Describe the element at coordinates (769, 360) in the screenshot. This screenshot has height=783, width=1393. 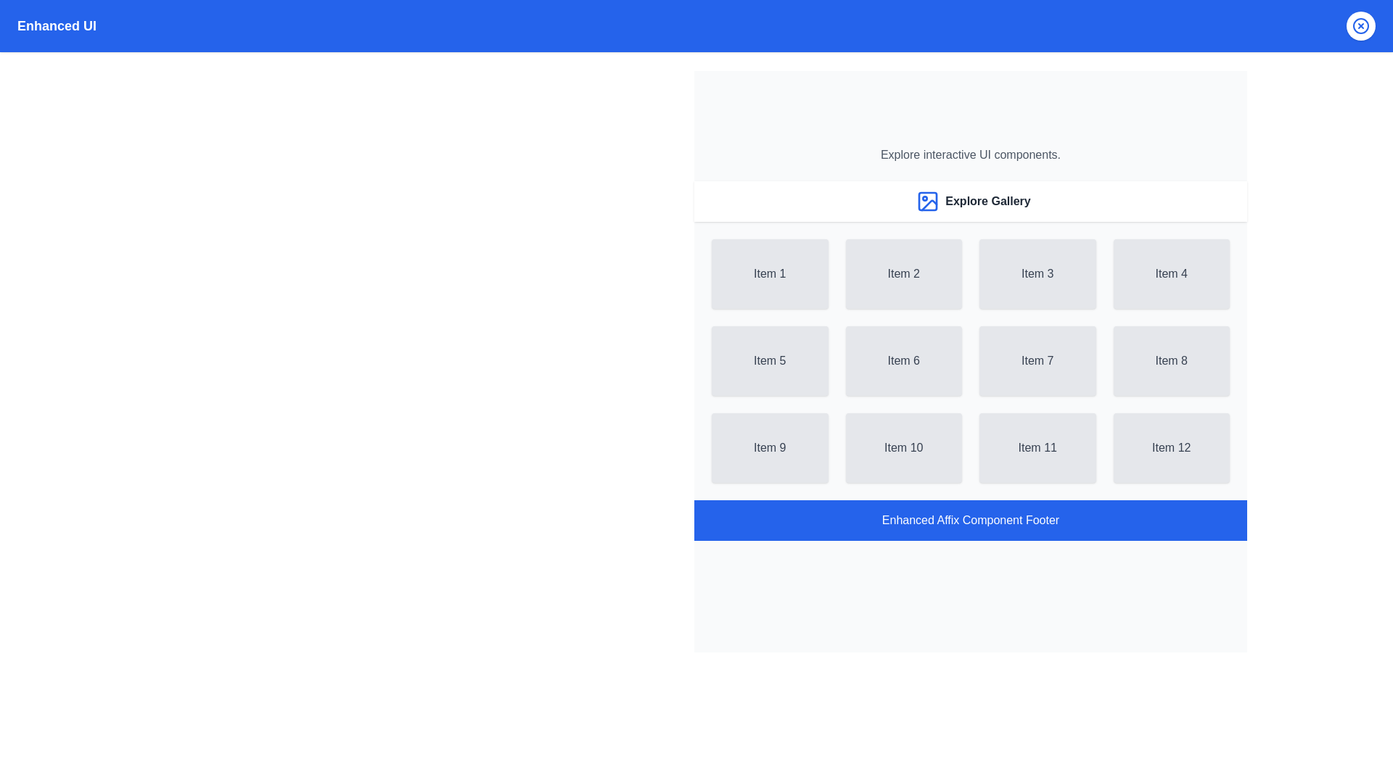
I see `the static Grid Item located in the first element of the second row, situated below 'Item 1' and to the left of 'Item 6'` at that location.